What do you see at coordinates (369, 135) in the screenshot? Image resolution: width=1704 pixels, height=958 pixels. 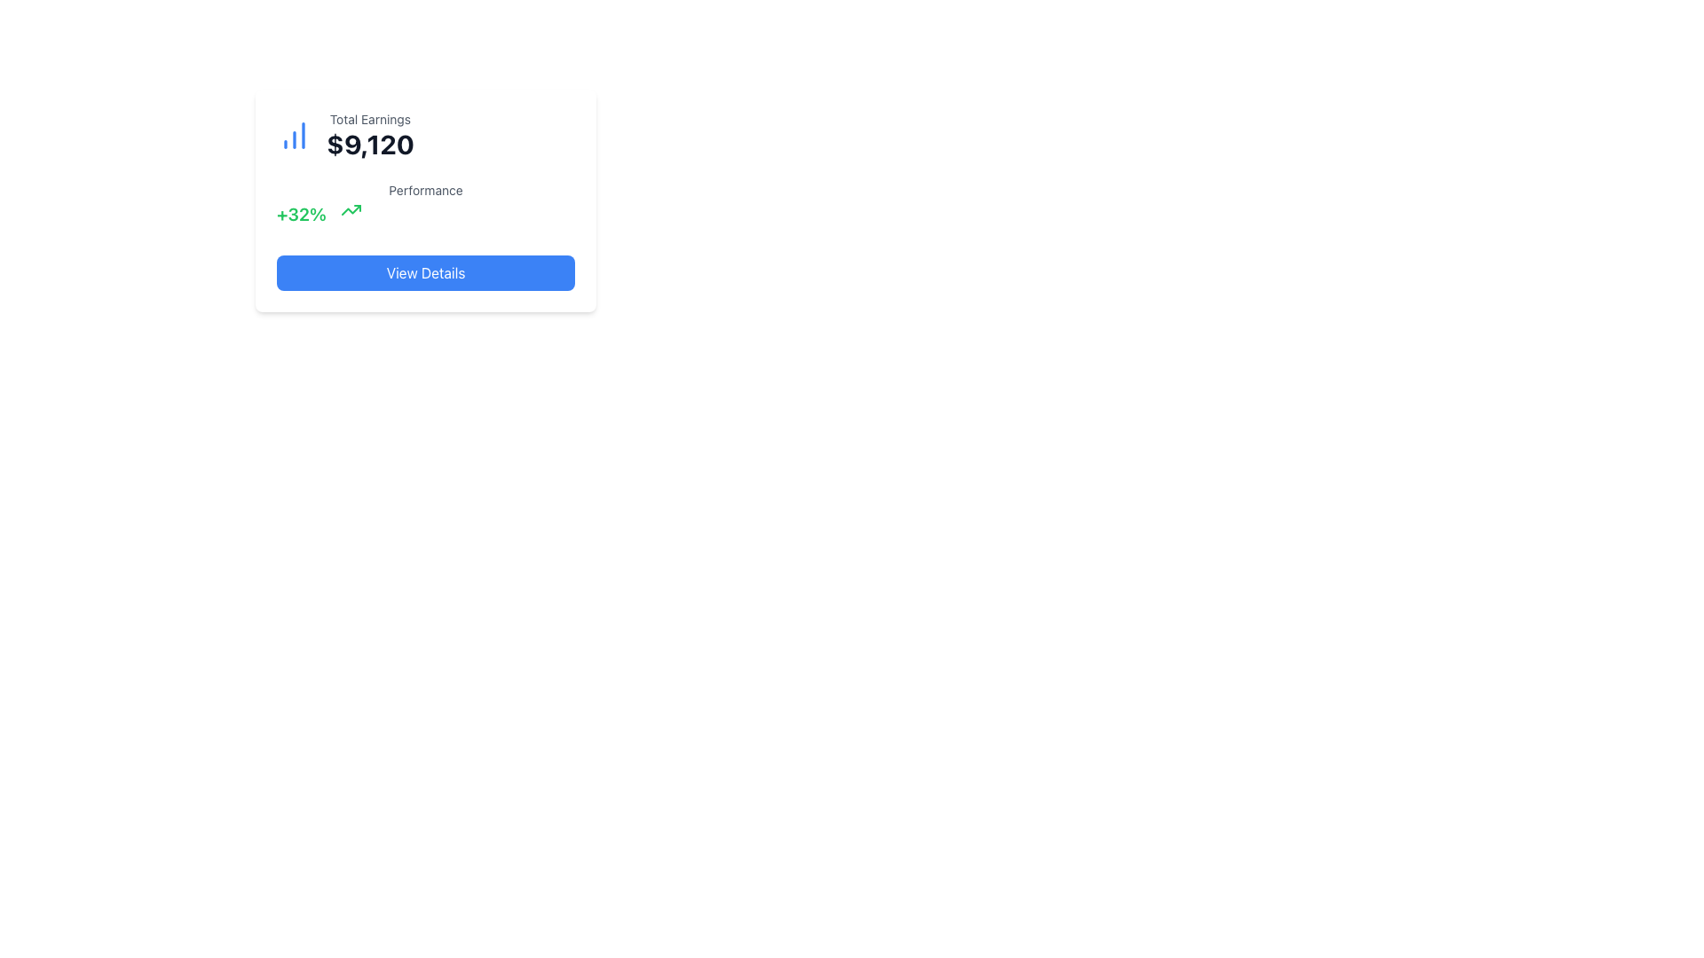 I see `the Text Block displaying the total earnings amount, located in the top-left area of a card-like component, to the right of a blue icon and above a 'Performance' label` at bounding box center [369, 135].